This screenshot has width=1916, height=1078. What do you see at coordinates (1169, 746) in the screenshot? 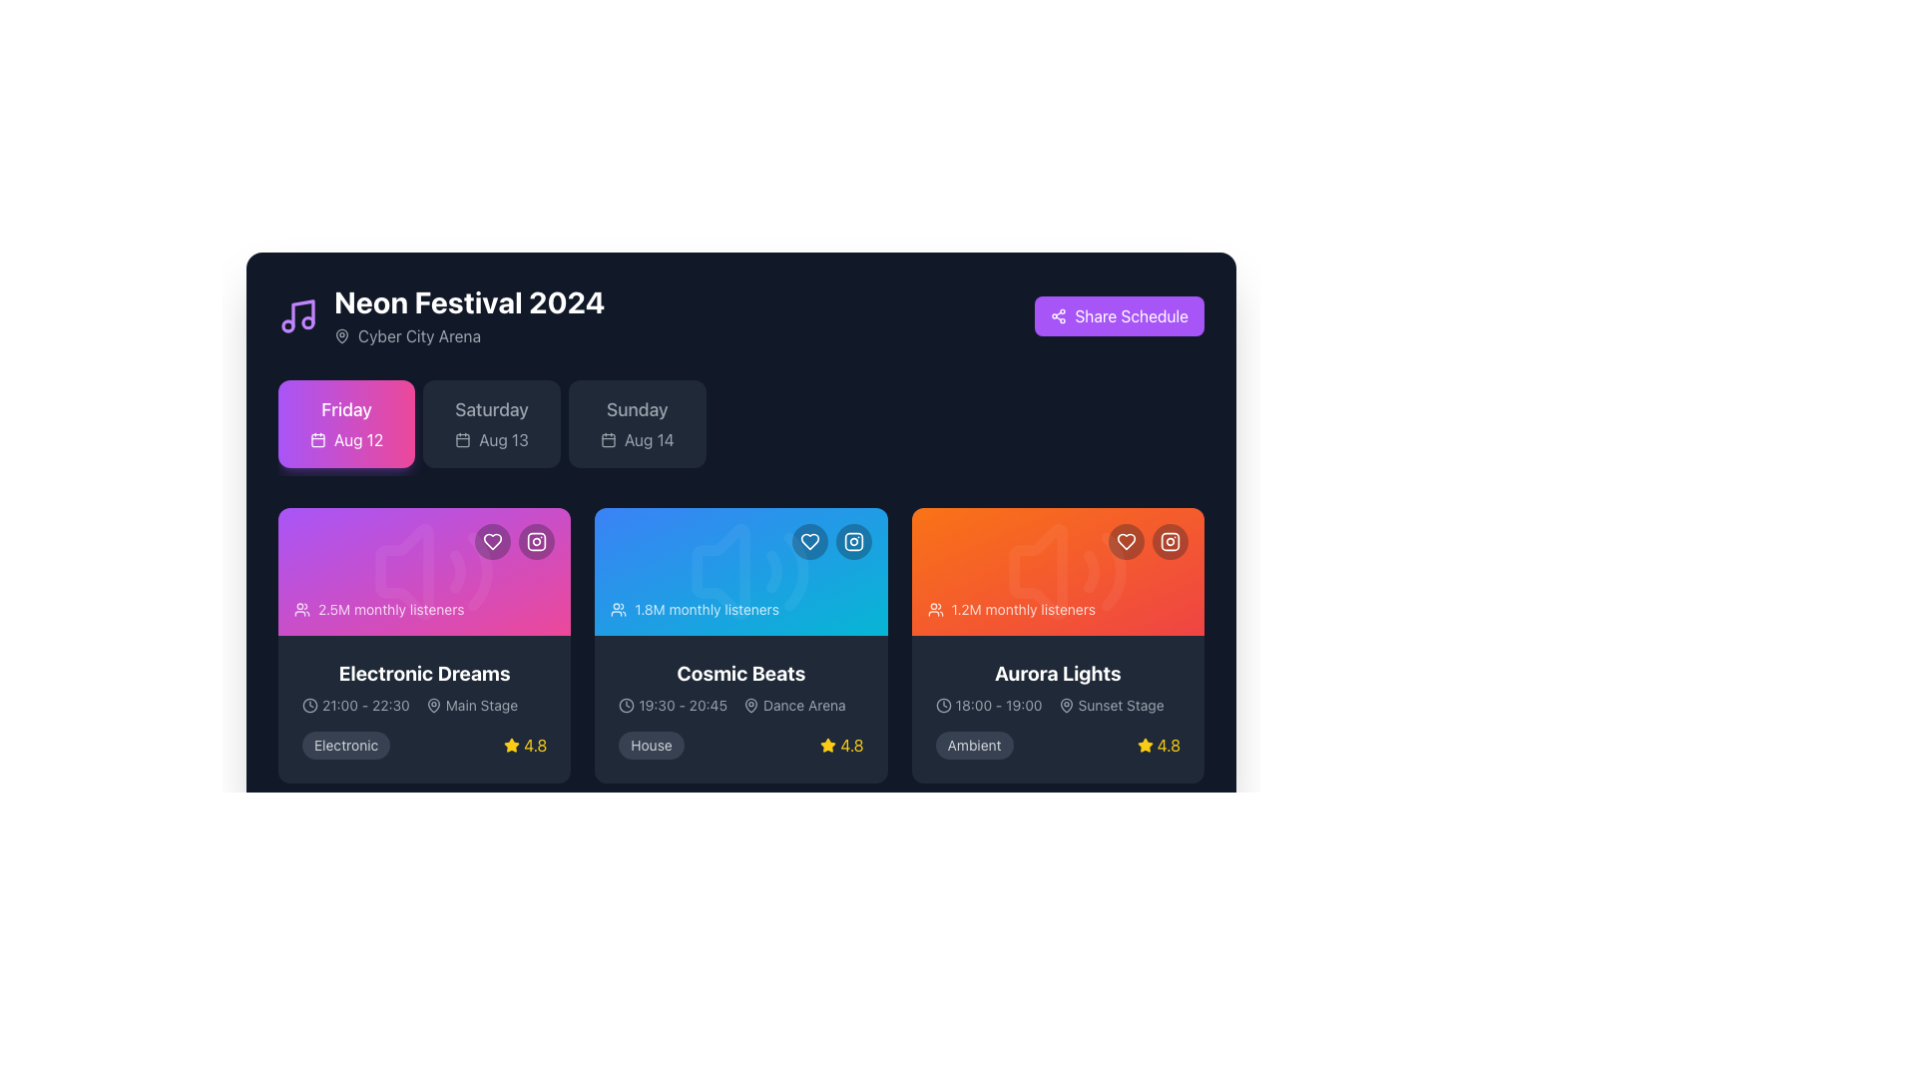
I see `the rating value display showing '4.8' styled in yellow, which is adjacent to the small yellow star icon in the footer area of the 'Aurora Lights' card layout for visual context` at bounding box center [1169, 746].